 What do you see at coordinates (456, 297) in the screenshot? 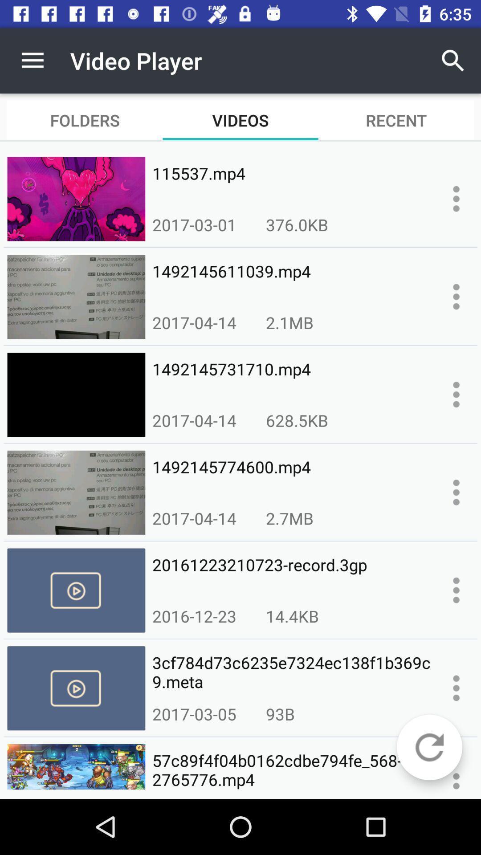
I see `show second thumbnail options` at bounding box center [456, 297].